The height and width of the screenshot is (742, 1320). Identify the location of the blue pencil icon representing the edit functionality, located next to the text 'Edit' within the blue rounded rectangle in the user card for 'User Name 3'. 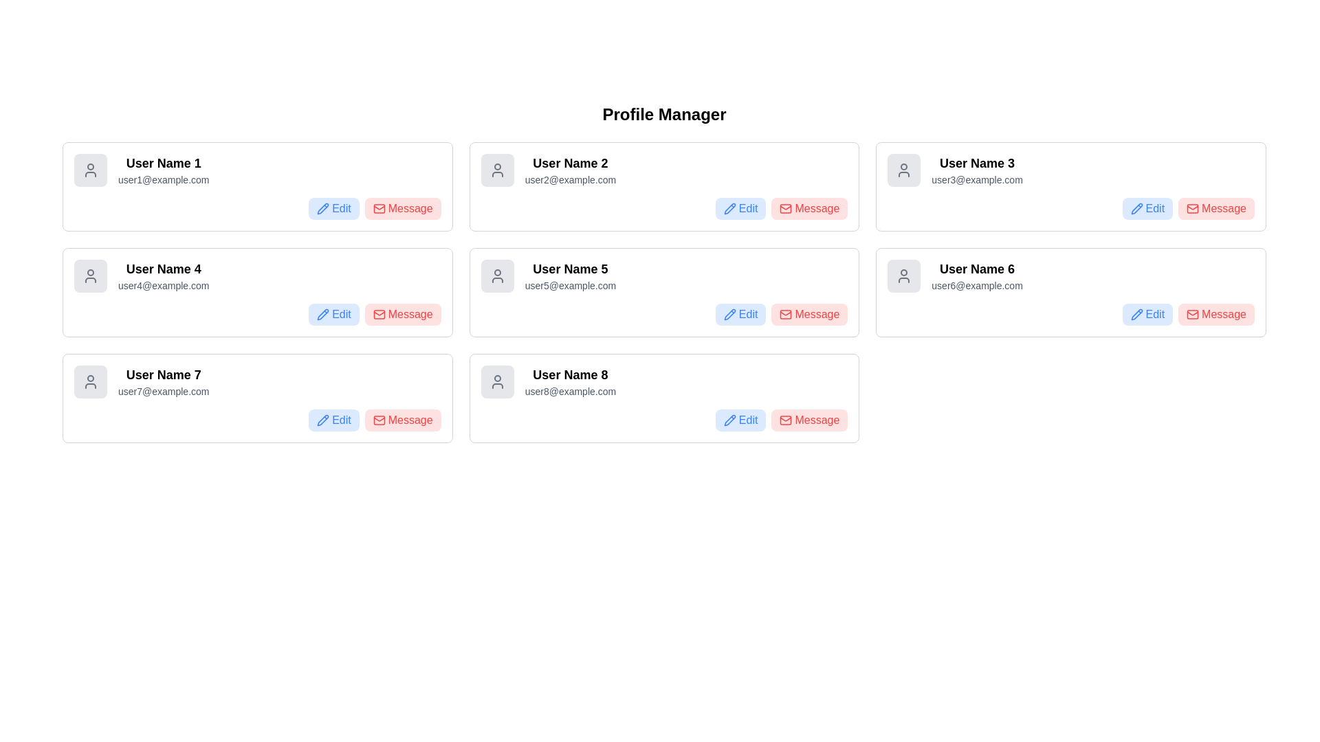
(1136, 209).